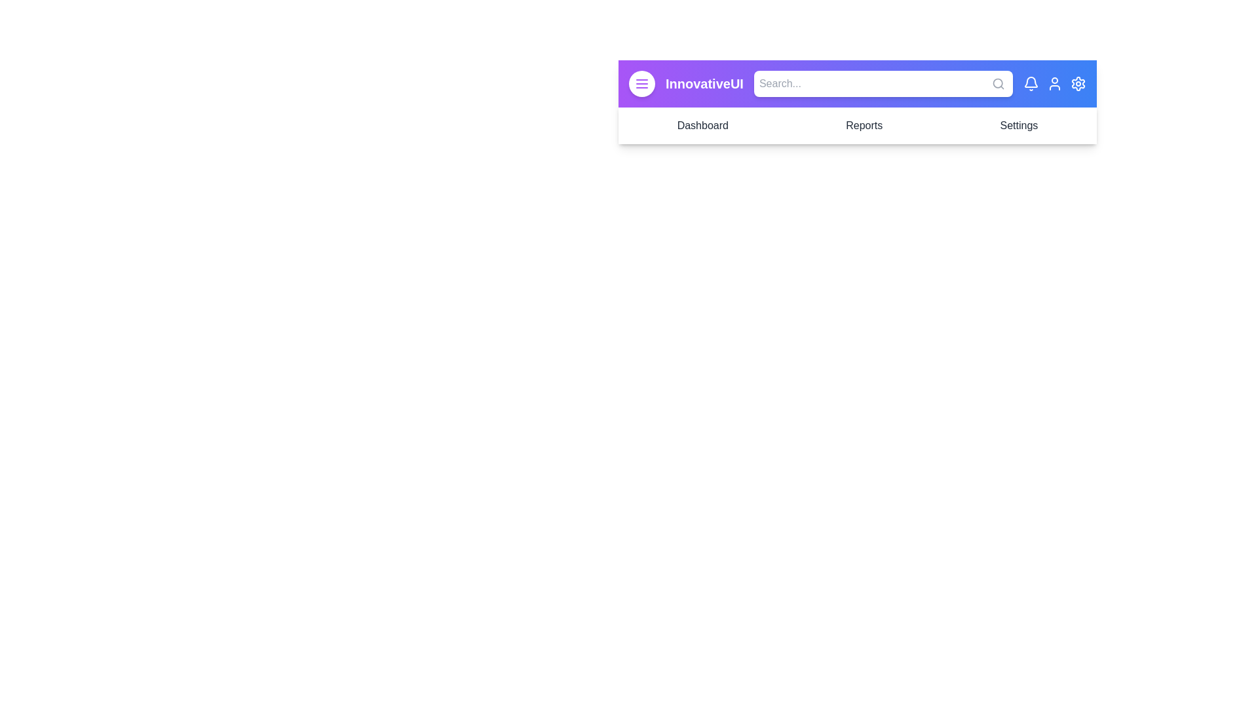 The height and width of the screenshot is (708, 1258). I want to click on the Reports navigation item to navigate to its corresponding section, so click(864, 126).